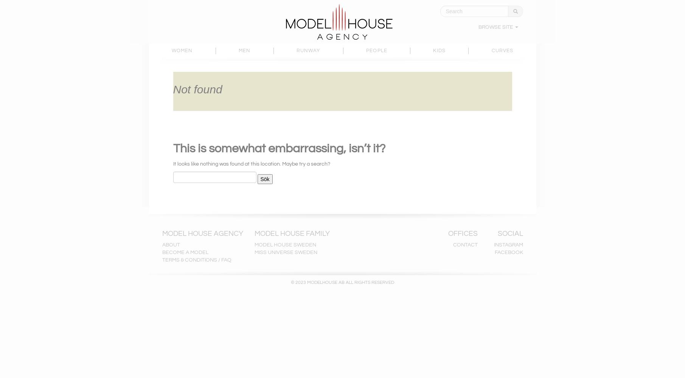 The image size is (685, 378). What do you see at coordinates (196, 260) in the screenshot?
I see `'TERMS & CONDITIONS / FAQ'` at bounding box center [196, 260].